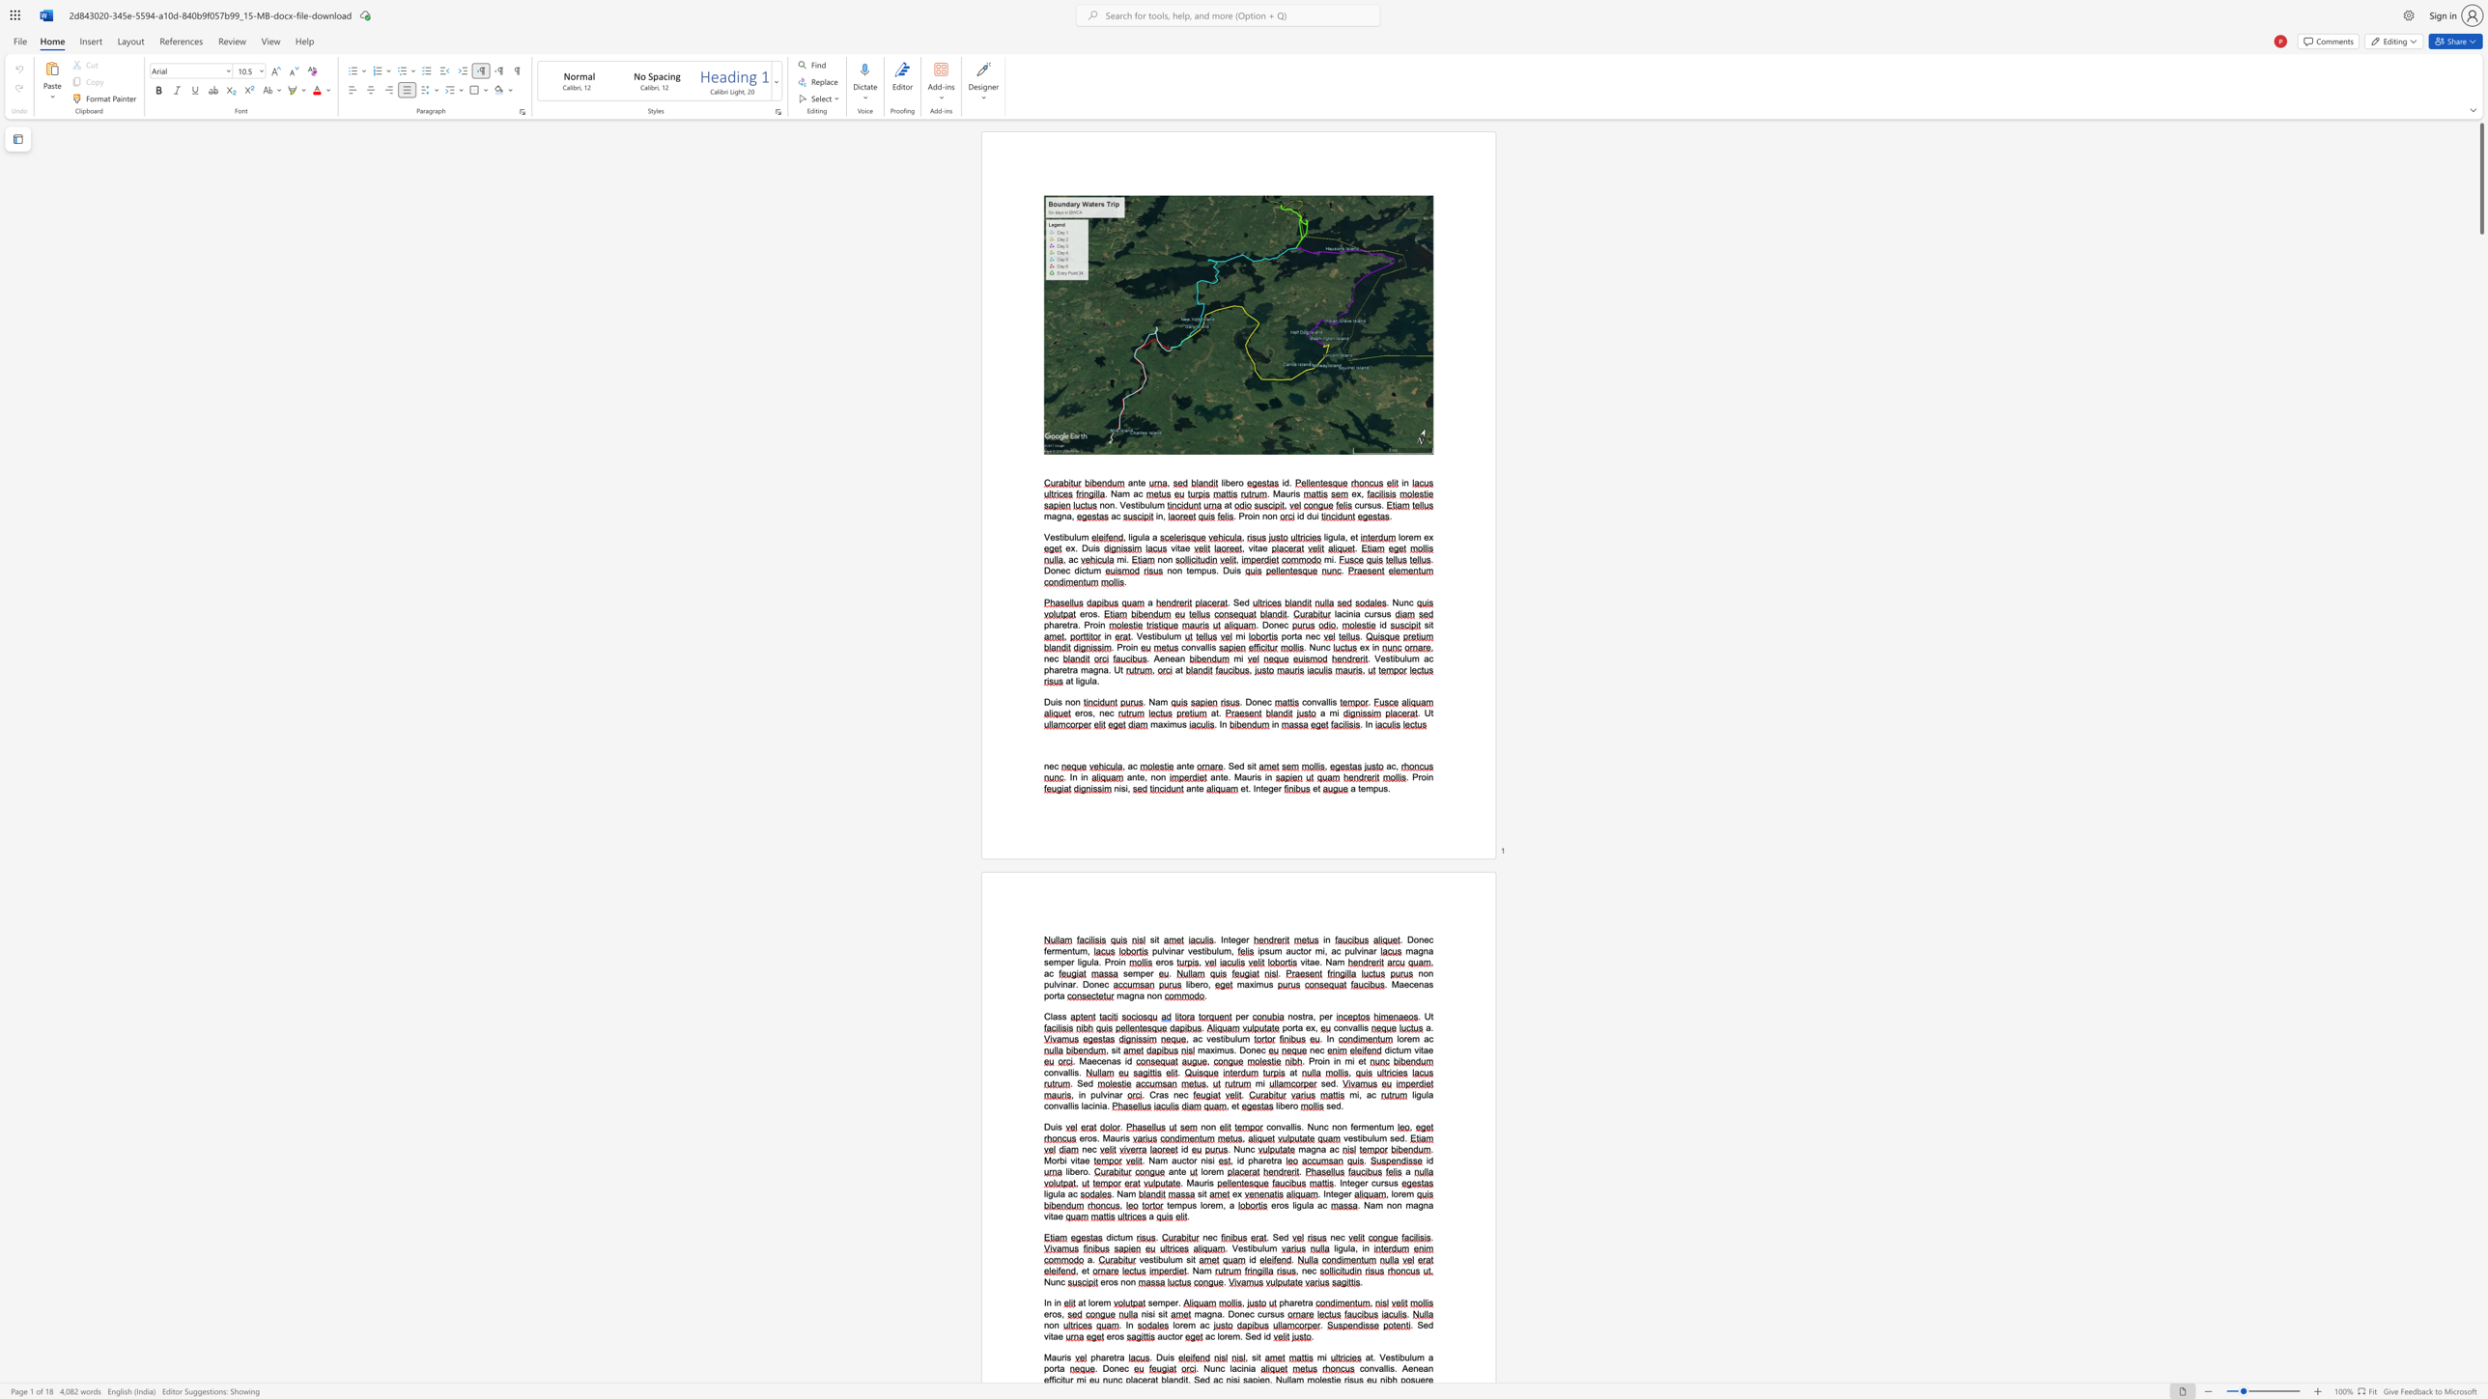 The image size is (2488, 1399). I want to click on the 1th character "e" in the text, so click(1141, 777).